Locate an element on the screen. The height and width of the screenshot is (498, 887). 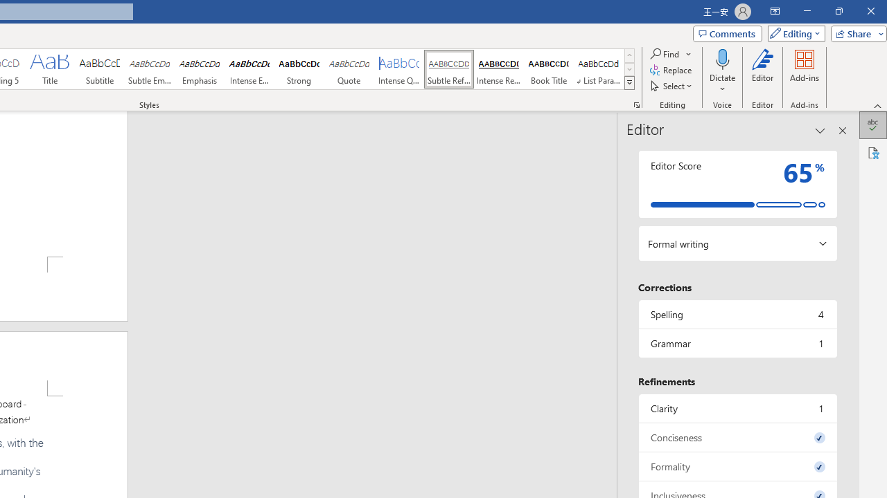
'Spelling, 4 issues. Press space or enter to review items.' is located at coordinates (737, 314).